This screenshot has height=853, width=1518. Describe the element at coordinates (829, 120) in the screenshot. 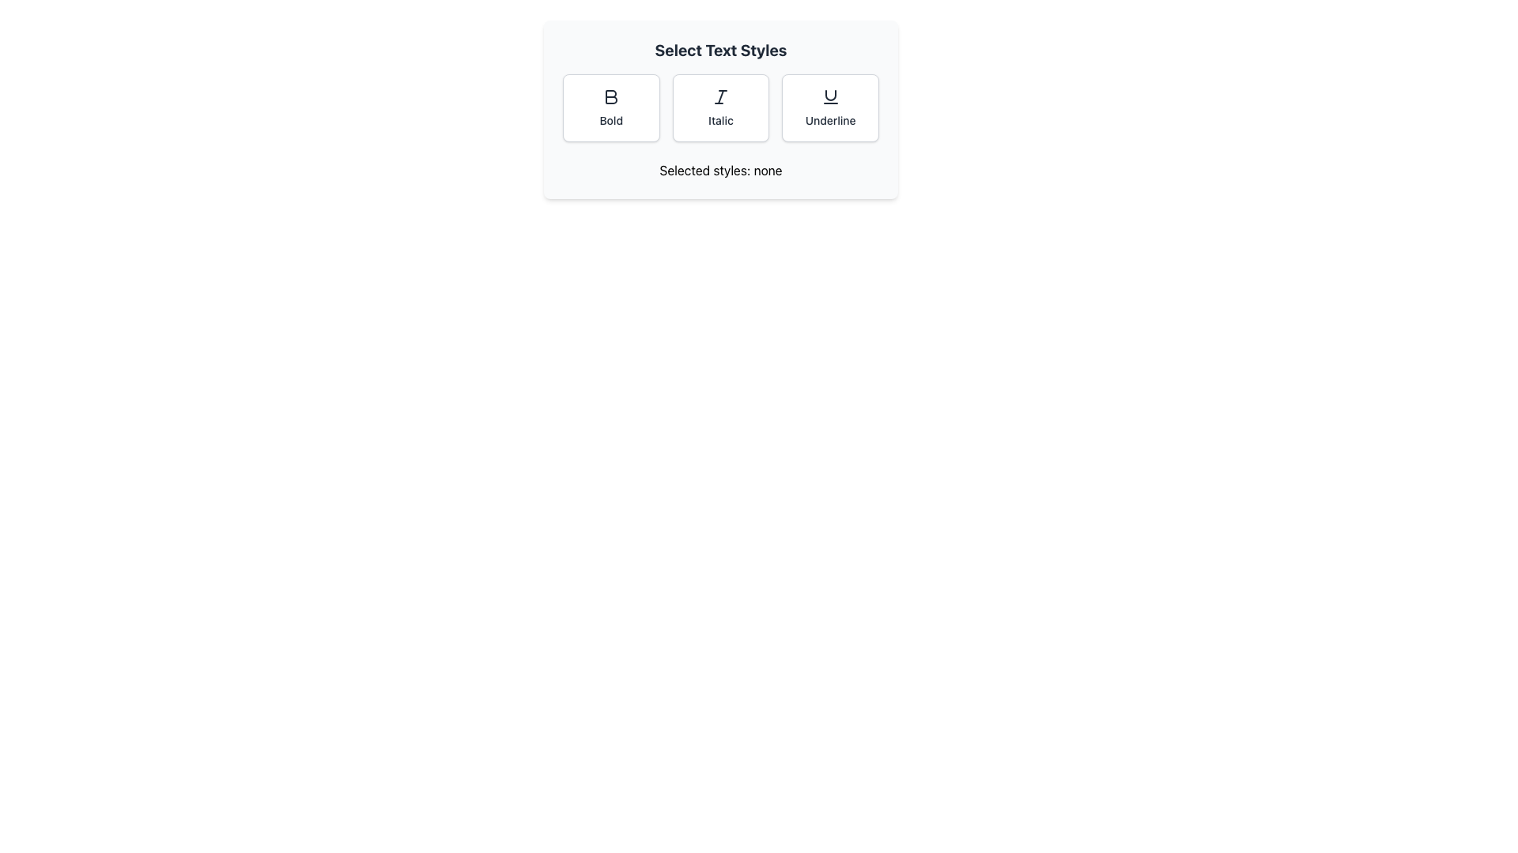

I see `the text label displaying the word 'Underline' located below the underlined 'U' icon` at that location.